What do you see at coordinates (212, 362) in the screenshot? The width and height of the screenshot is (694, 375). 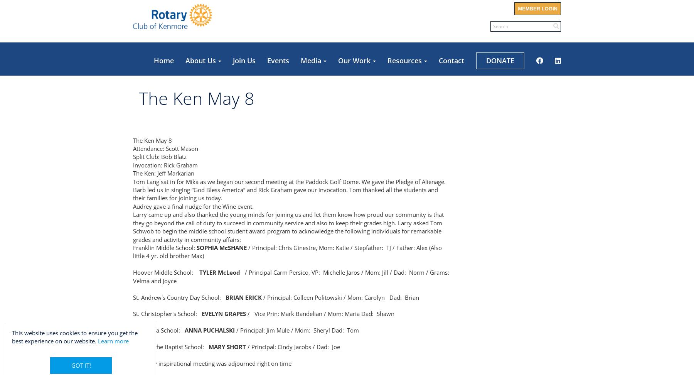 I see `'This very inspirational meeting was adjourned right on time'` at bounding box center [212, 362].